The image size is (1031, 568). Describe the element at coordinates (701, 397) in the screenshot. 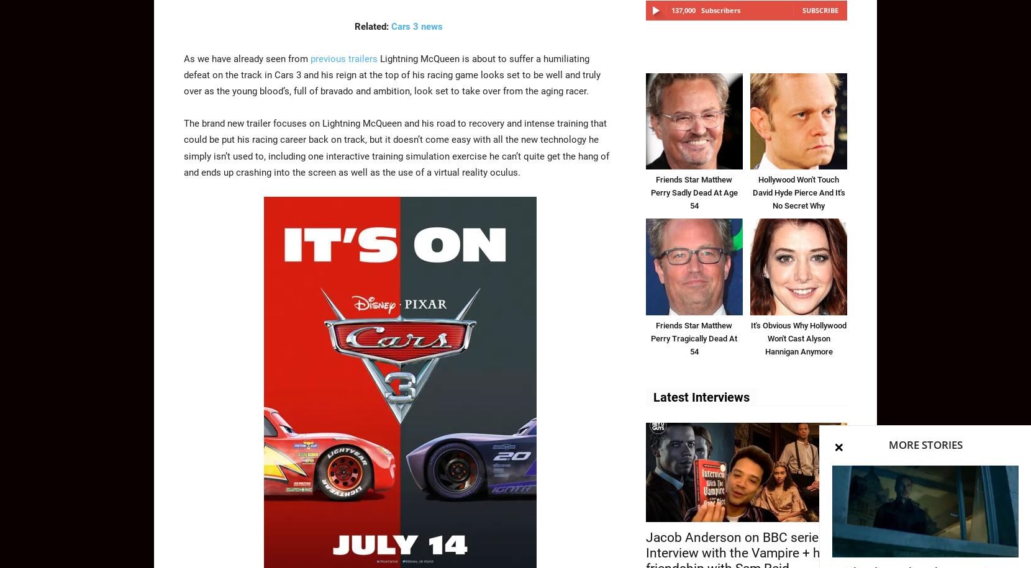

I see `'Latest Interviews'` at that location.